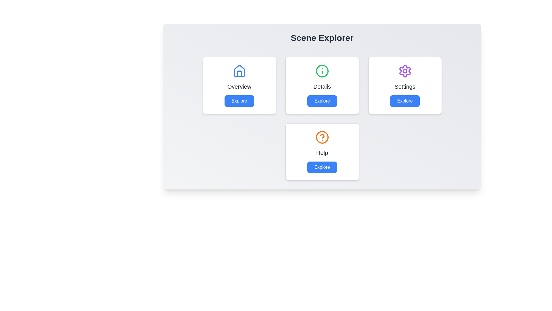  Describe the element at coordinates (405, 71) in the screenshot. I see `the SVG Circle Element located at the center of the gear icon in the top-right corner of the 'Scene Explorer' interface, which is associated with settings functionality` at that location.